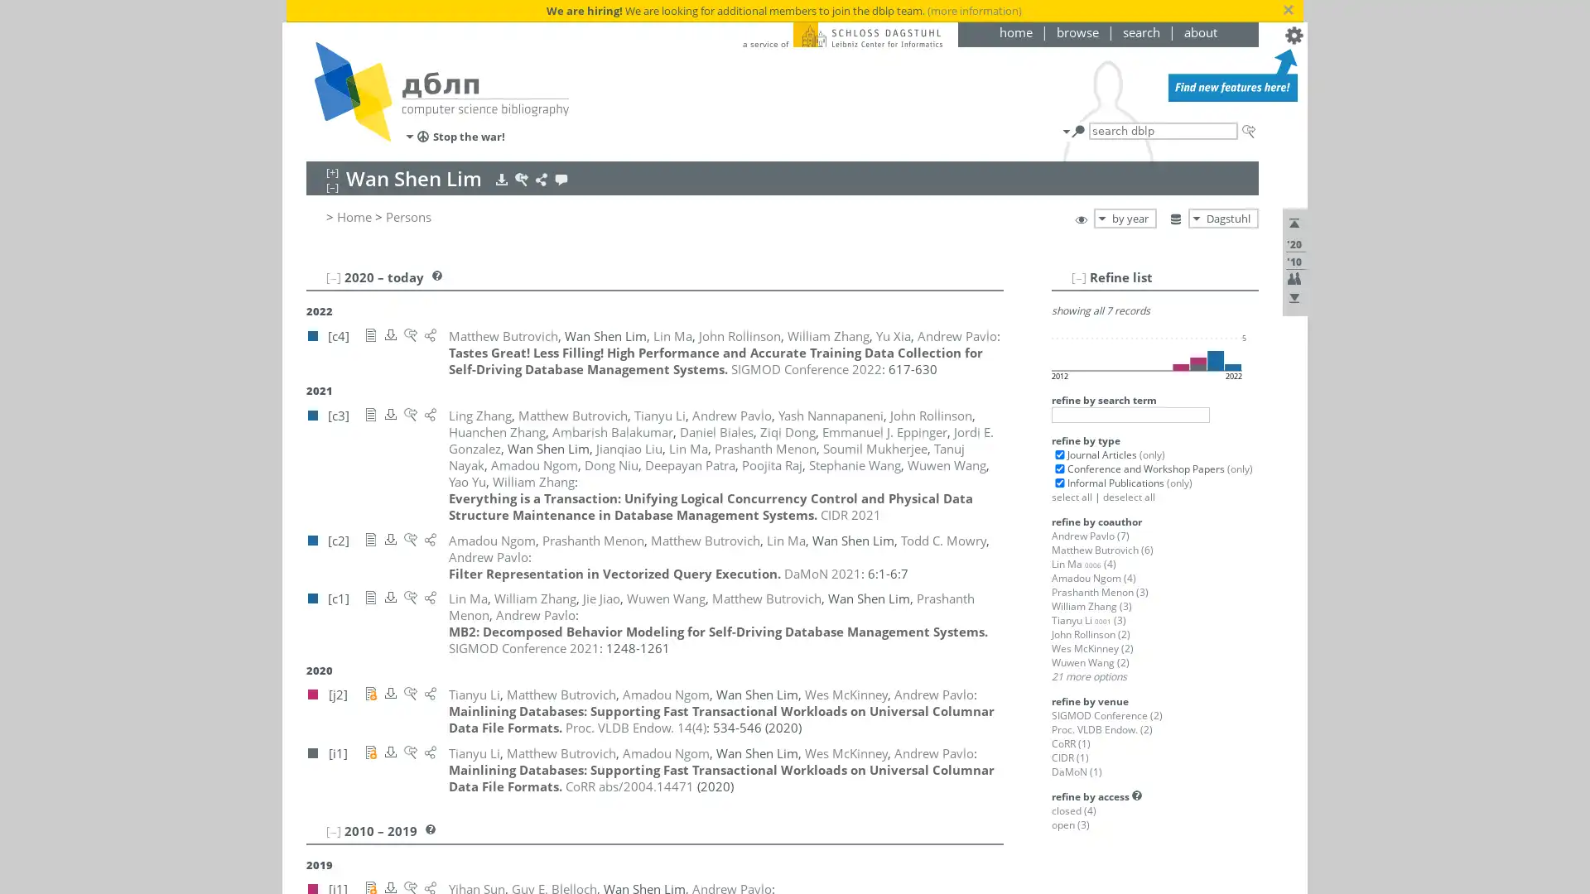 The image size is (1590, 894). I want to click on select all, so click(1072, 496).